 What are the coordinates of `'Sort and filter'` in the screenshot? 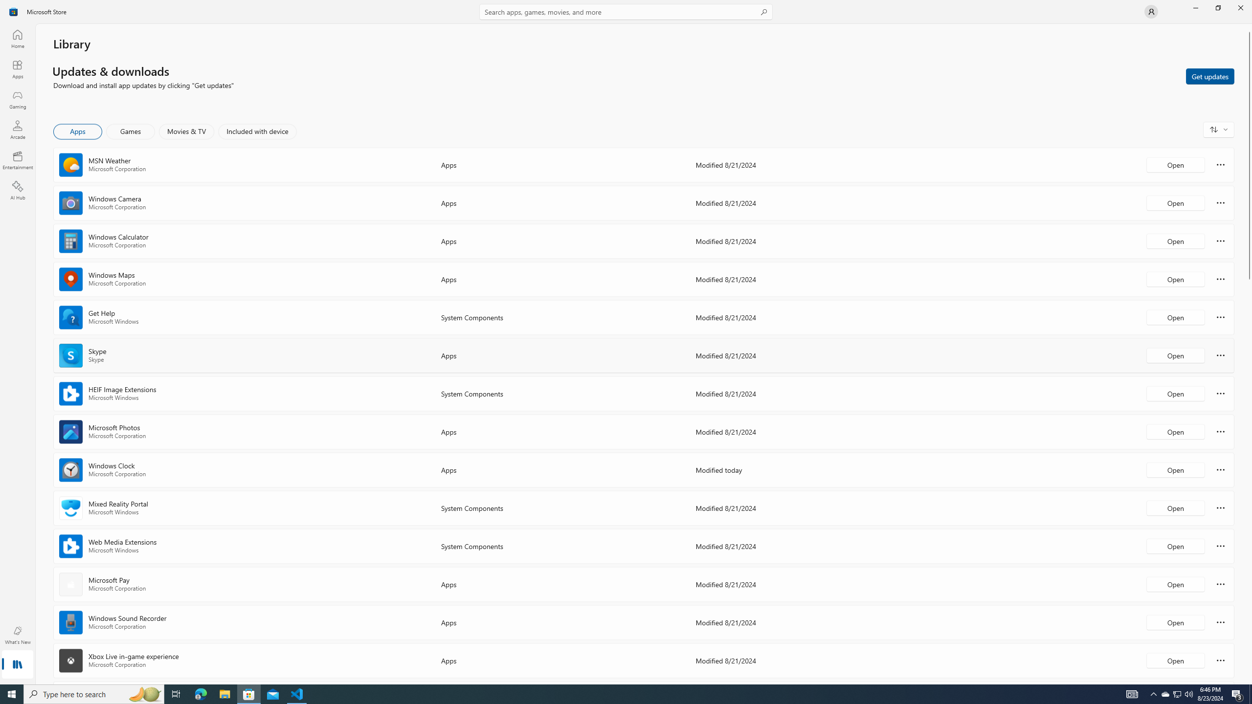 It's located at (1218, 129).